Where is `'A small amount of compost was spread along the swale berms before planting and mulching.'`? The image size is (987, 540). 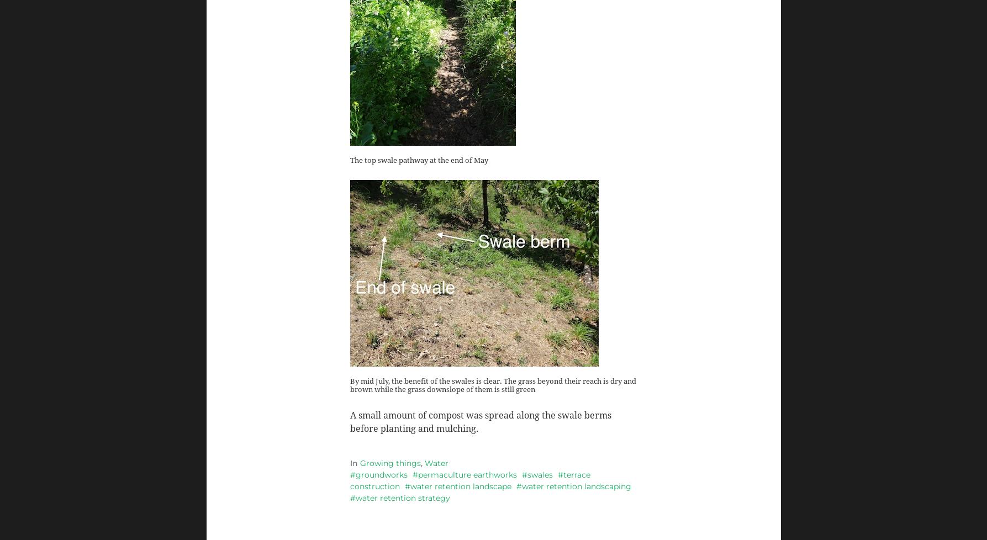 'A small amount of compost was spread along the swale berms before planting and mulching.' is located at coordinates (480, 421).